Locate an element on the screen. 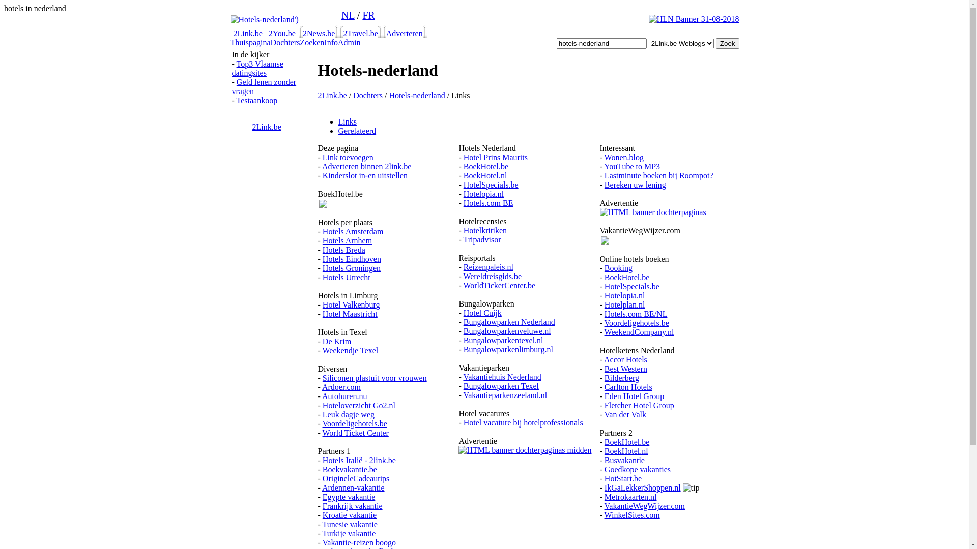 The width and height of the screenshot is (977, 549). 'Hotel vacature bij hotelprofessionals' is located at coordinates (523, 422).